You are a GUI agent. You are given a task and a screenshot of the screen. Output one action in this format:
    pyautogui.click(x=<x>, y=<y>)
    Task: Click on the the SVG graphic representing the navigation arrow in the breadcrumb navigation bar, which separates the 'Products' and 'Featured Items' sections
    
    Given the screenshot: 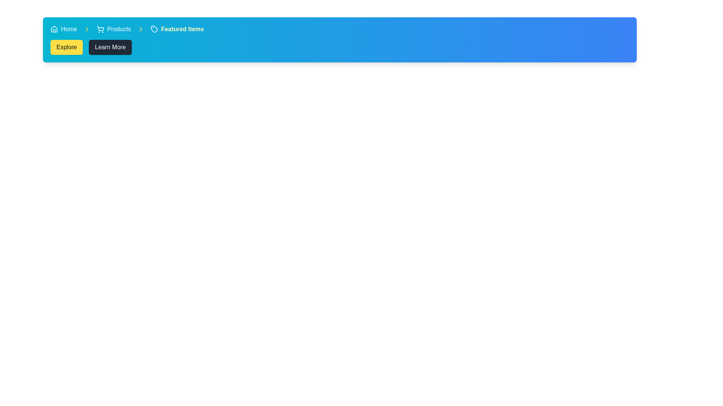 What is the action you would take?
    pyautogui.click(x=140, y=29)
    